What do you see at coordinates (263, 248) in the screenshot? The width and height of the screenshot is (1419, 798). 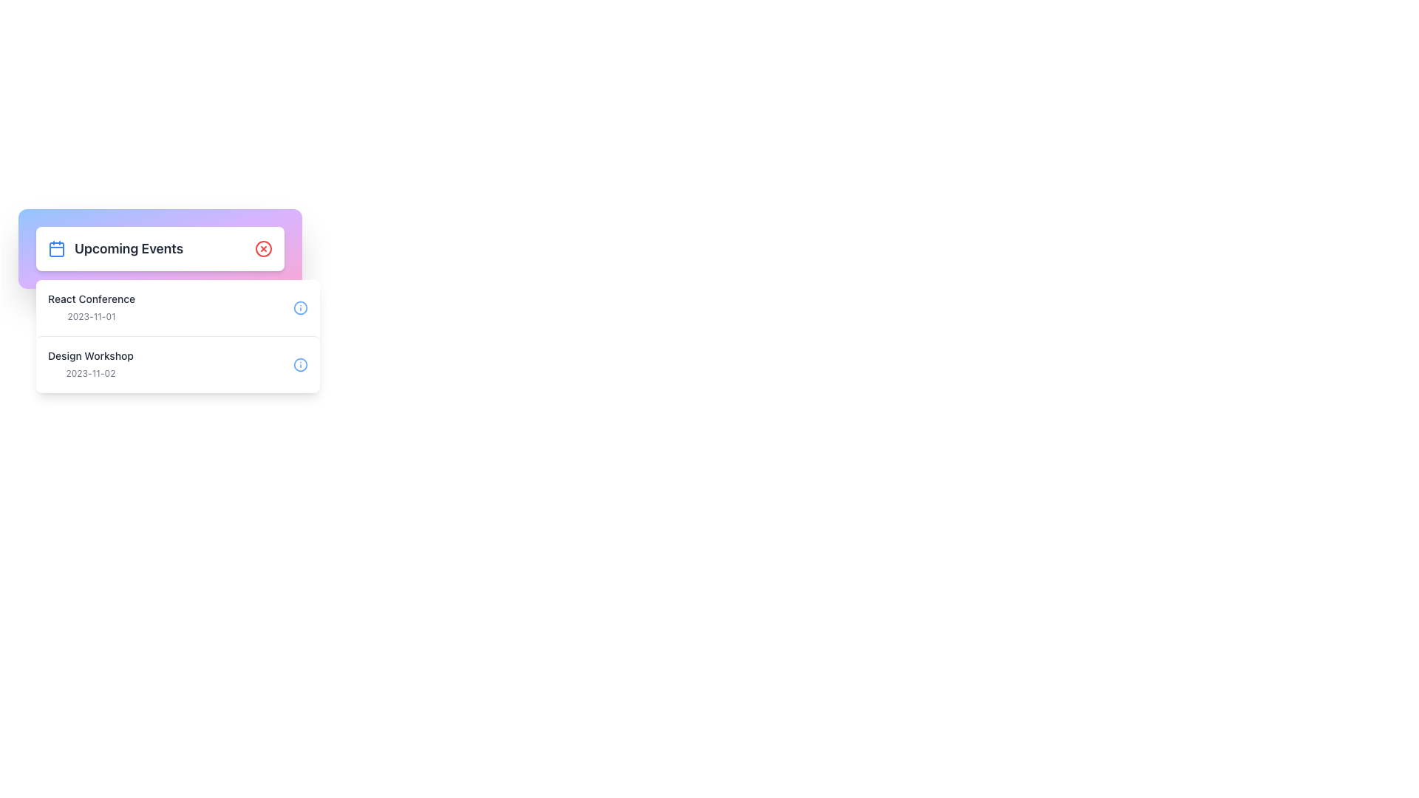 I see `the icon button located at the far right of the 'Upcoming Events' section header` at bounding box center [263, 248].